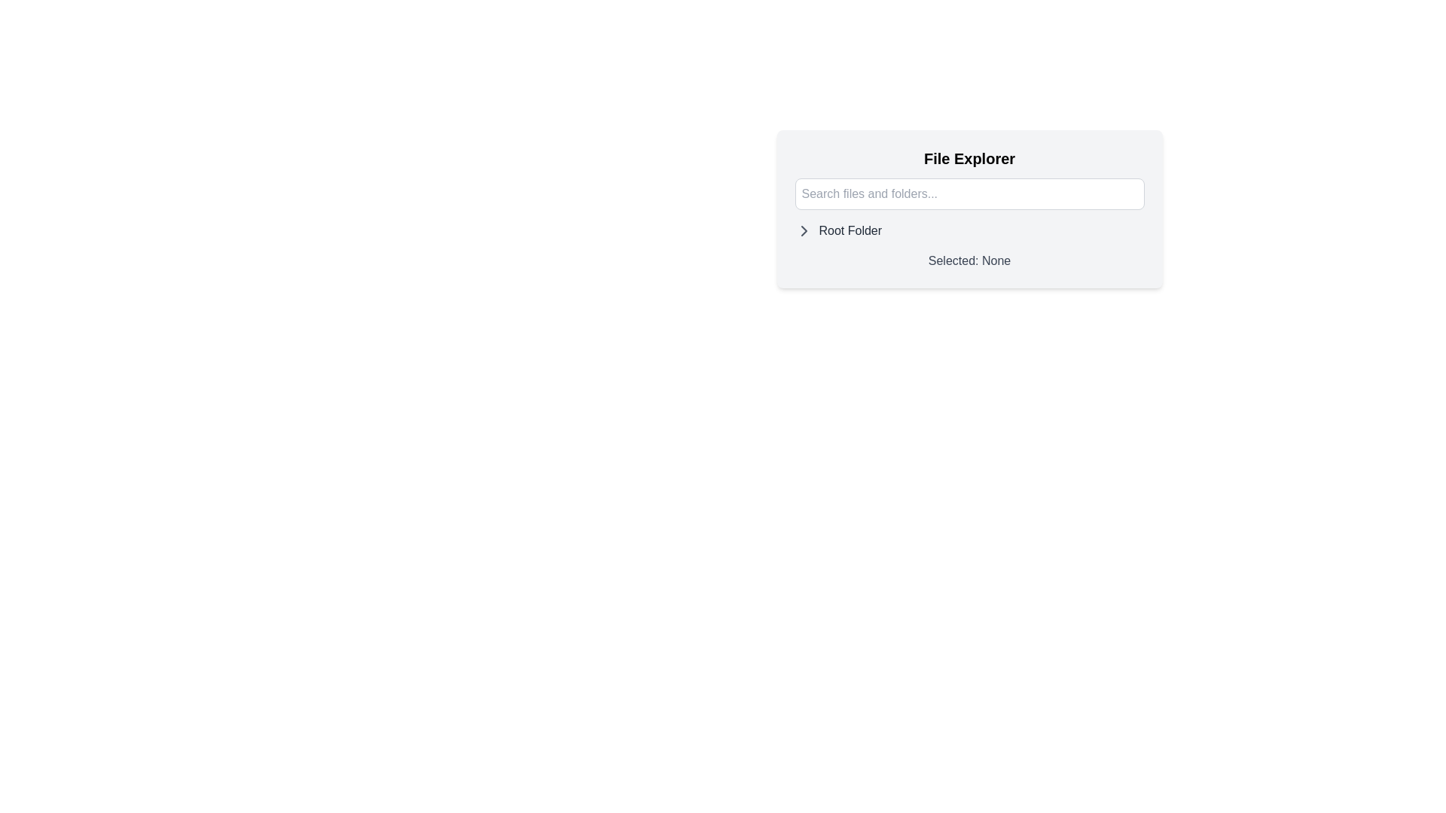 The height and width of the screenshot is (813, 1446). Describe the element at coordinates (969, 260) in the screenshot. I see `the text label displaying 'Selected: None' at the bottom of the white card in the 'File Explorer'` at that location.